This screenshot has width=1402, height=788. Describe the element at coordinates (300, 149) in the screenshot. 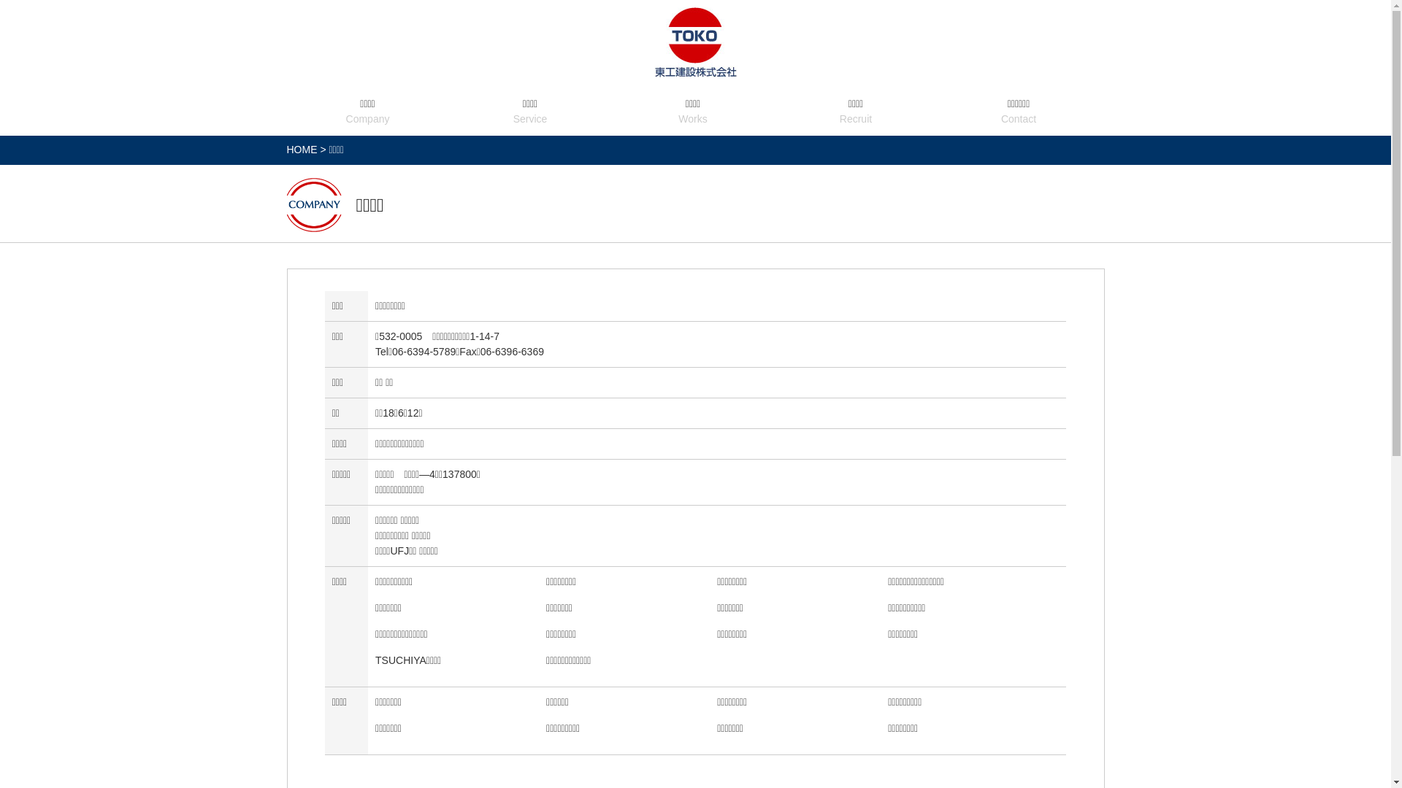

I see `'HOME'` at that location.